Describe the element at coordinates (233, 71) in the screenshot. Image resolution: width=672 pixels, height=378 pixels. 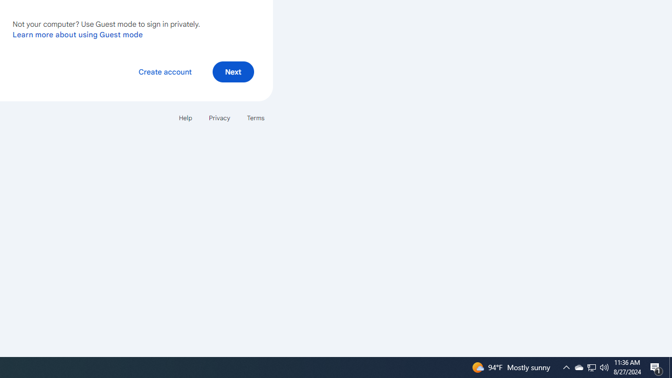
I see `'Next'` at that location.